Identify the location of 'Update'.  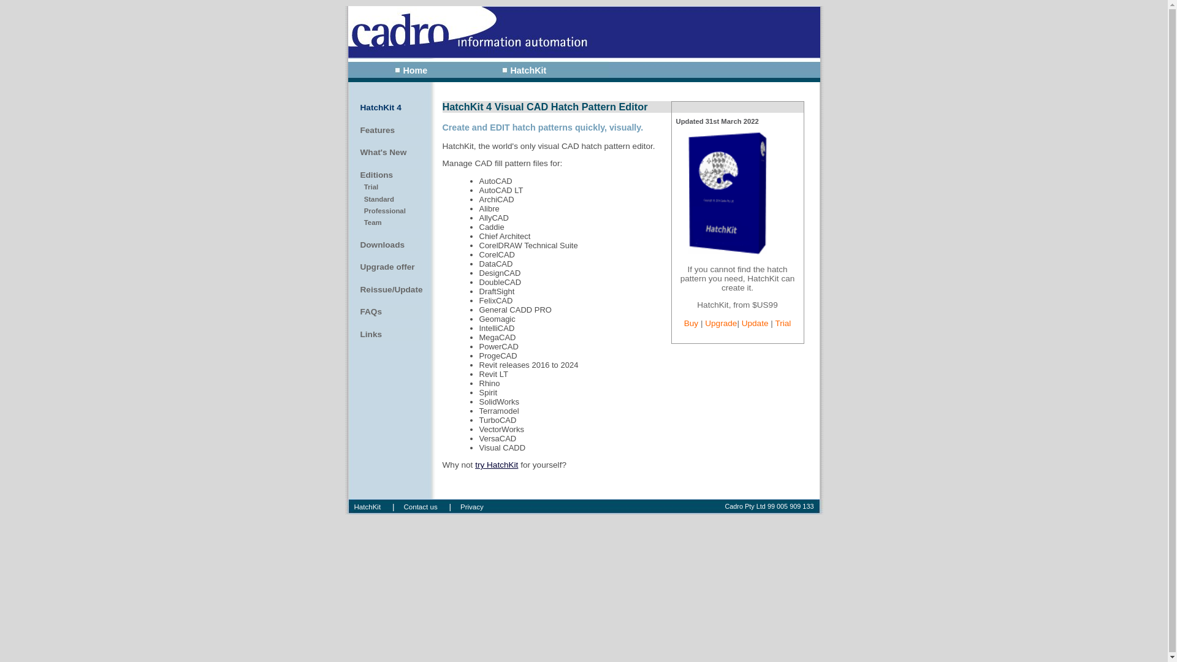
(741, 322).